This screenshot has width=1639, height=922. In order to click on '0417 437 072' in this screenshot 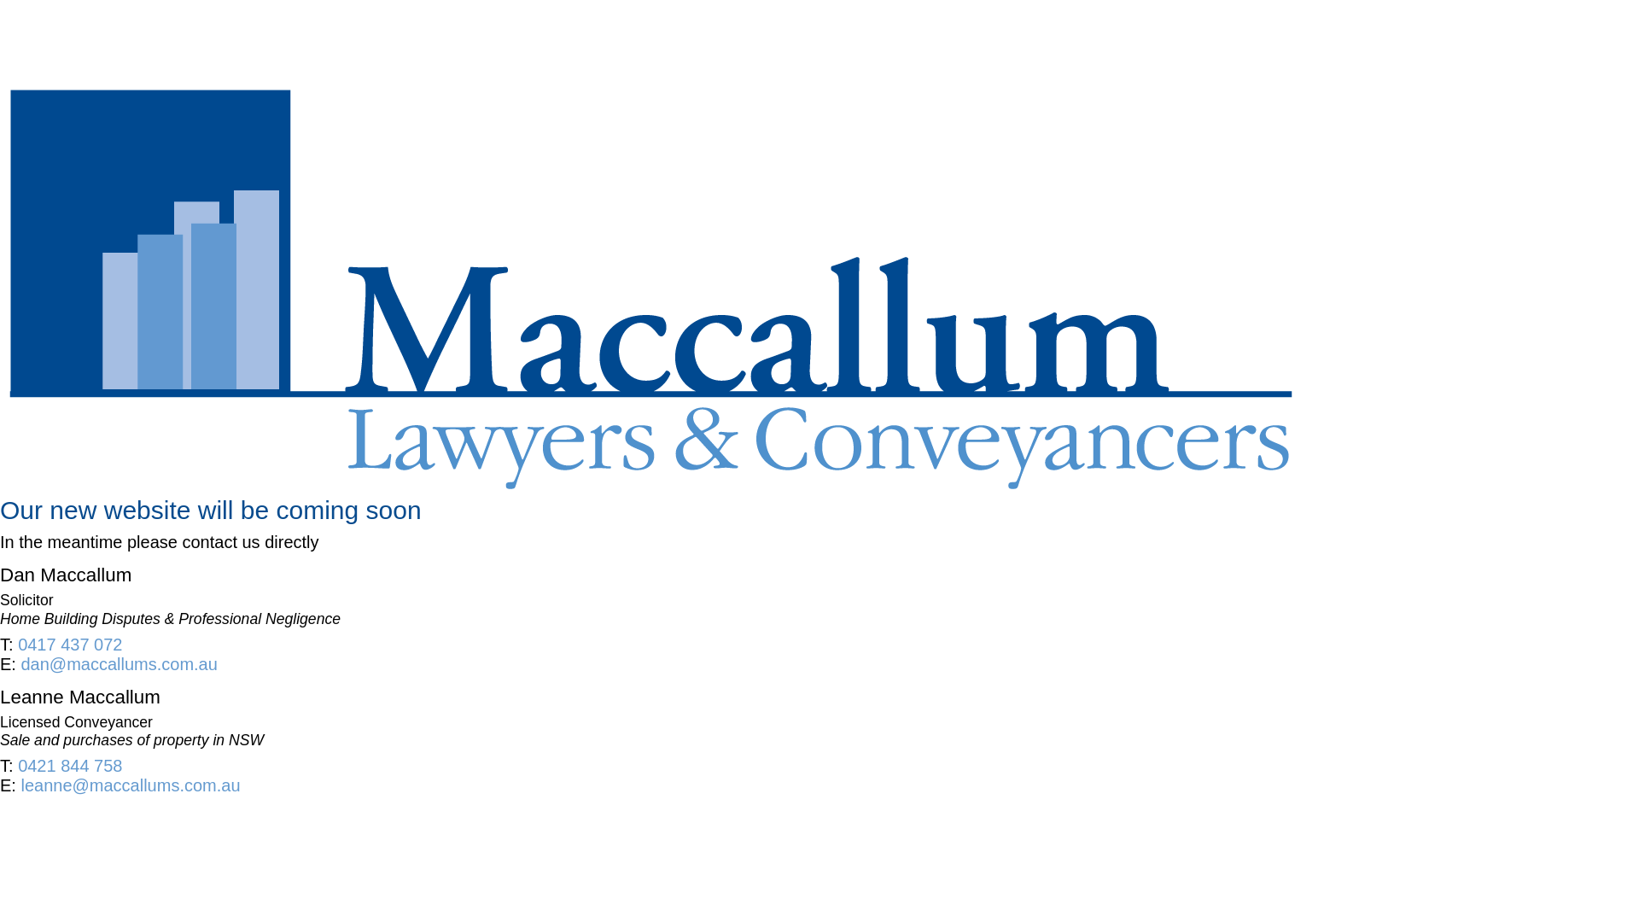, I will do `click(68, 645)`.